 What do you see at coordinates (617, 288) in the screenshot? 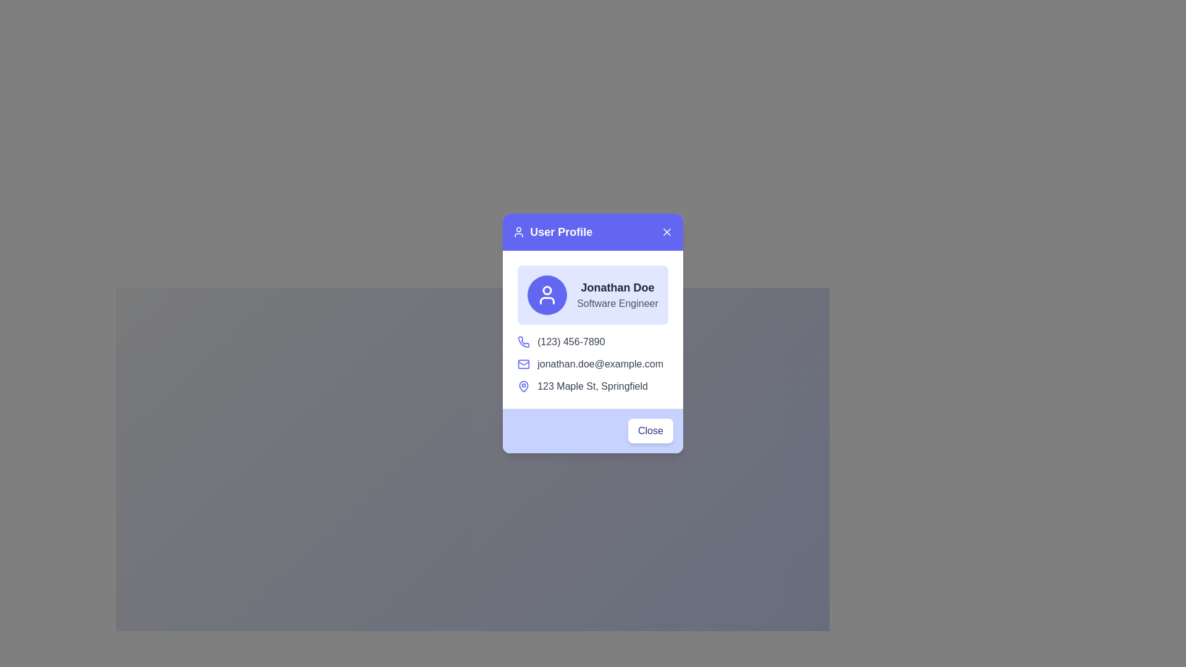
I see `the text label styled as a title representing 'Jonathan Doe' within the 'User Profile' modal dialog box` at bounding box center [617, 288].